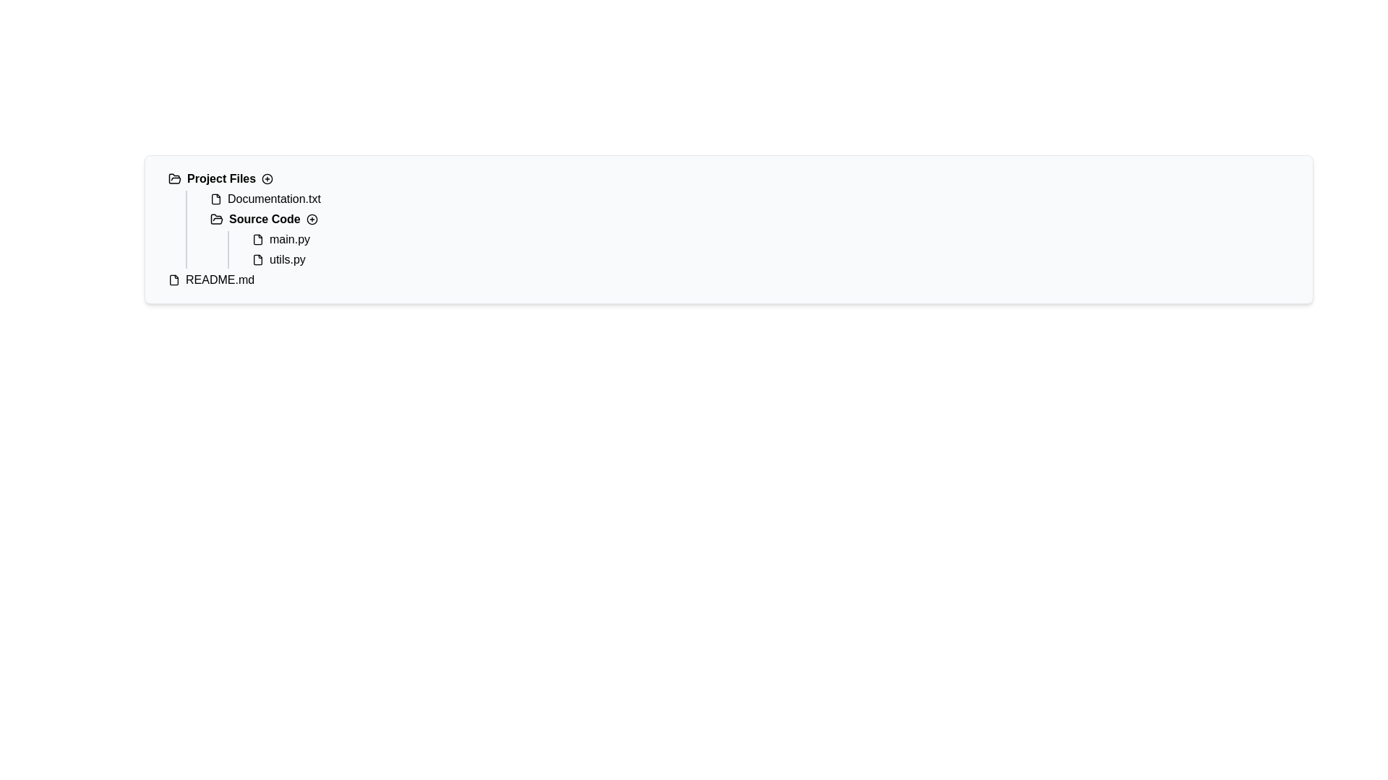 The height and width of the screenshot is (780, 1388). What do you see at coordinates (257, 259) in the screenshot?
I see `the file icon representing 'utils.py' located at the top-right corner of the Source Code folder in the file tree` at bounding box center [257, 259].